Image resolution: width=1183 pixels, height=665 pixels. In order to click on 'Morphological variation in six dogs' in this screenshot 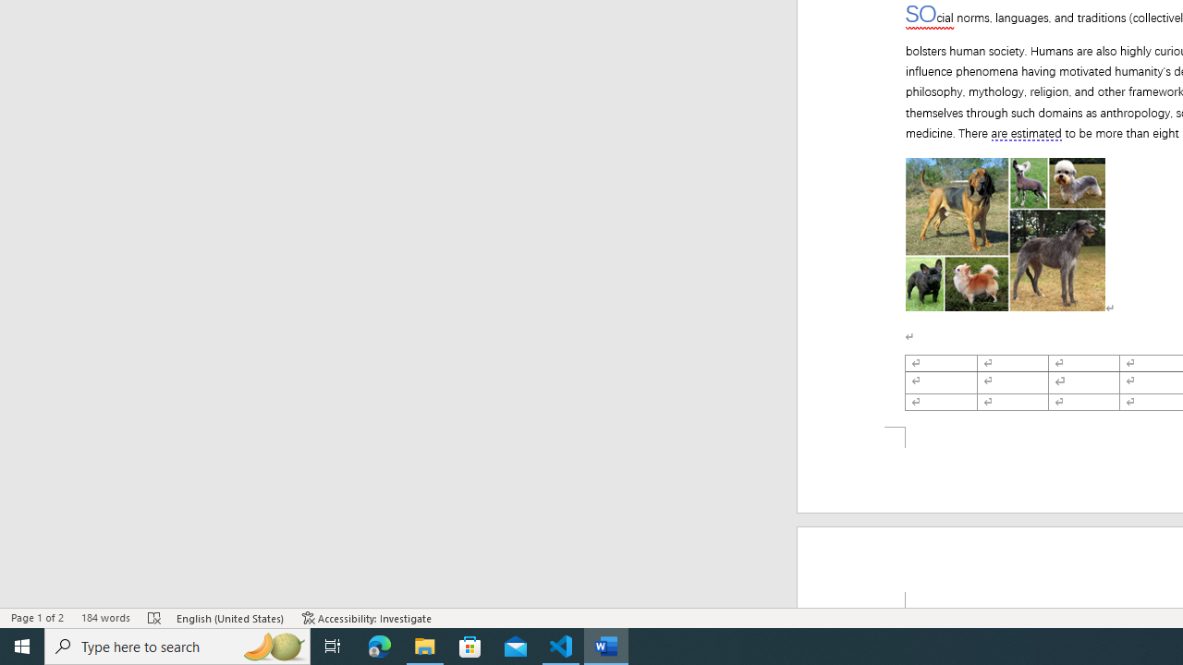, I will do `click(1005, 234)`.